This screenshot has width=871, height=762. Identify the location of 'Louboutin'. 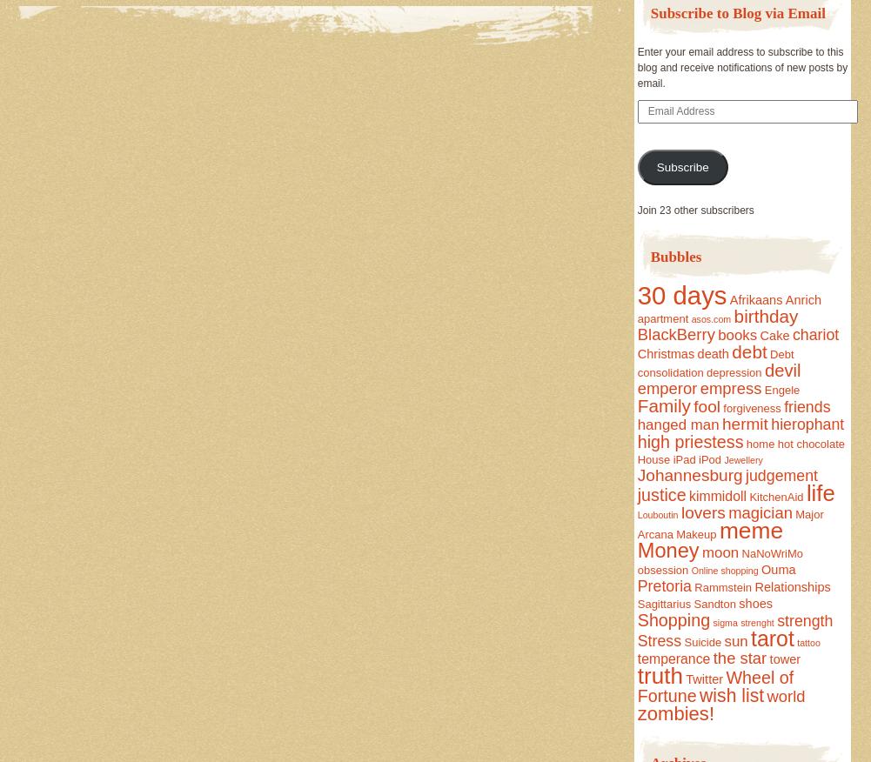
(657, 513).